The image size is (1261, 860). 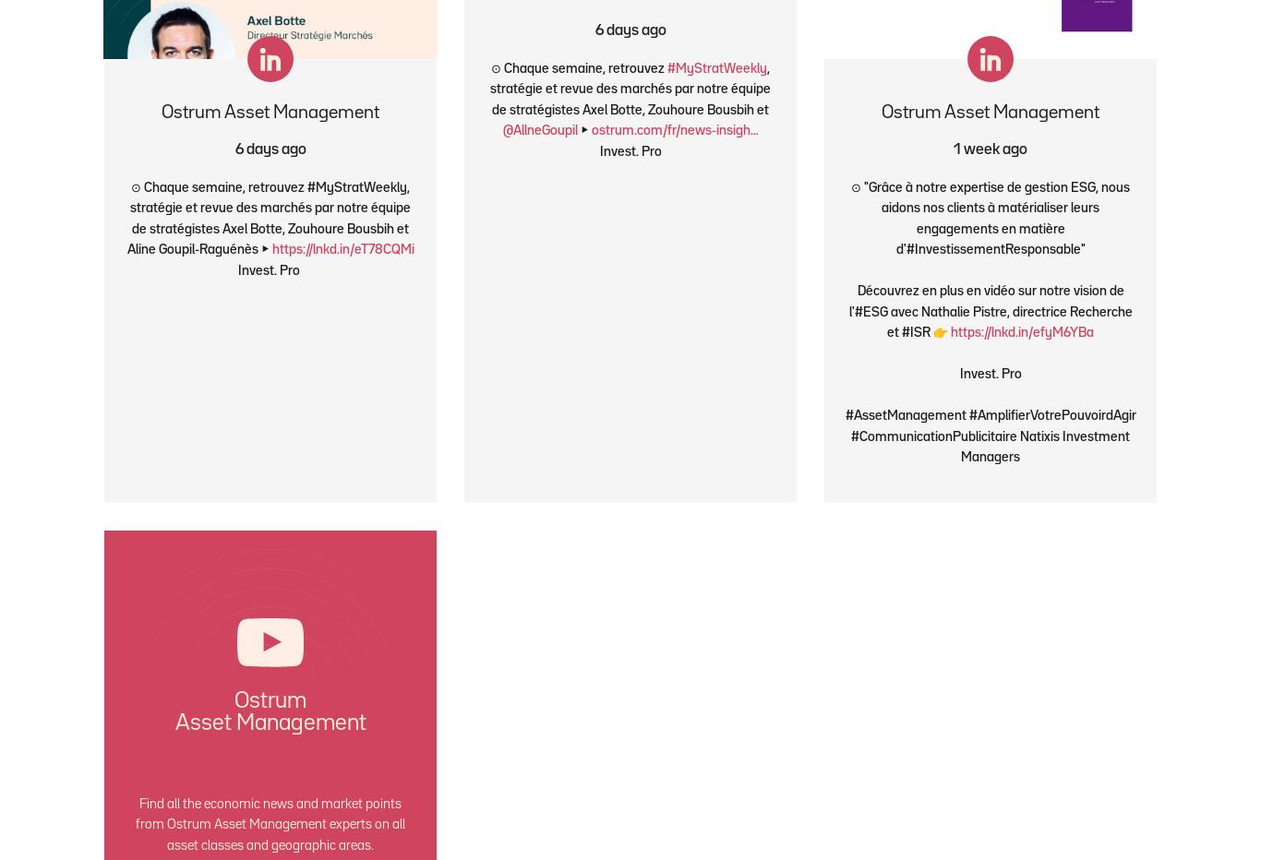 I want to click on 'Asset Management', so click(x=270, y=723).